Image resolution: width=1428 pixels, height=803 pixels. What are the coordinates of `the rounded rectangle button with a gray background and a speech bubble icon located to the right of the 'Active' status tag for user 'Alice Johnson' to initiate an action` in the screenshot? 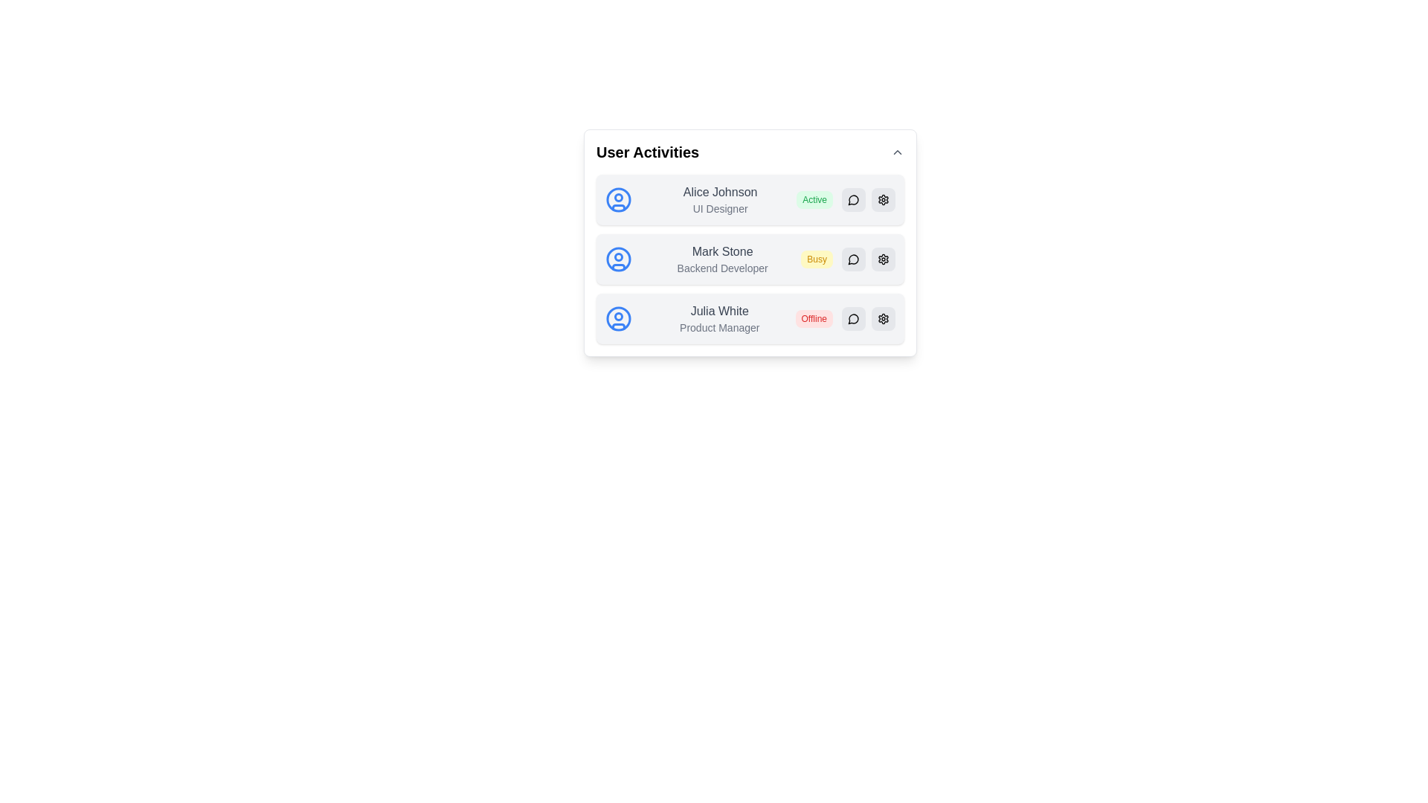 It's located at (853, 199).